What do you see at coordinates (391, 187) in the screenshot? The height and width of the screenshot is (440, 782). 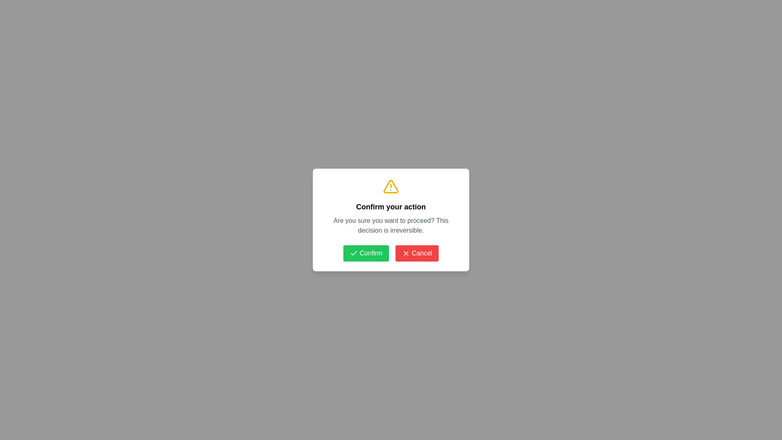 I see `the triangular warning icon with a yellow color and black outlines, located above the title text 'Confirm your action' in the confirmation modal` at bounding box center [391, 187].